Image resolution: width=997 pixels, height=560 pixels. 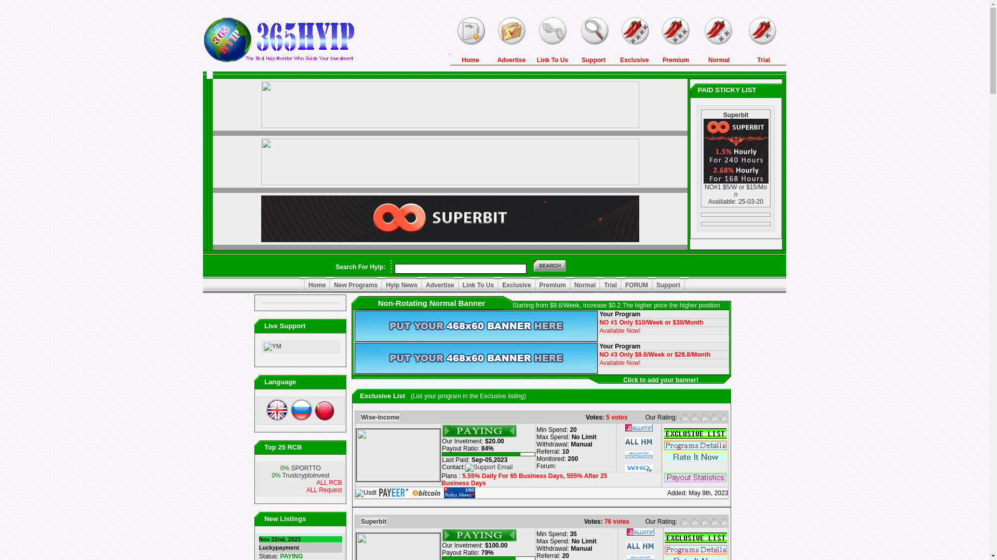 I want to click on 'Normal', so click(x=718, y=60).